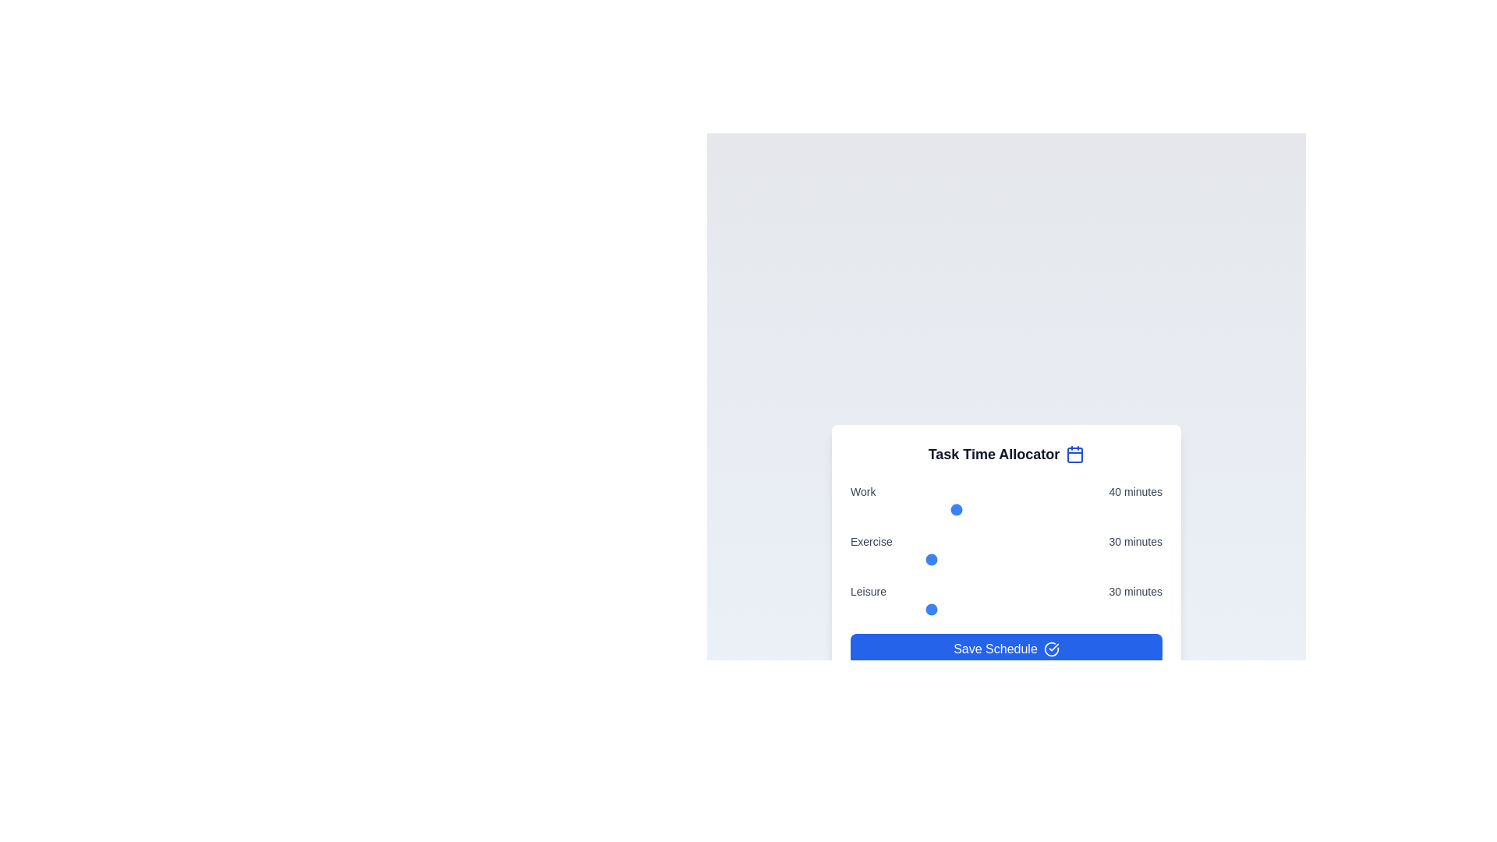 Image resolution: width=1497 pixels, height=842 pixels. What do you see at coordinates (1007, 649) in the screenshot?
I see `the 'Save Schedule' button to save the changes` at bounding box center [1007, 649].